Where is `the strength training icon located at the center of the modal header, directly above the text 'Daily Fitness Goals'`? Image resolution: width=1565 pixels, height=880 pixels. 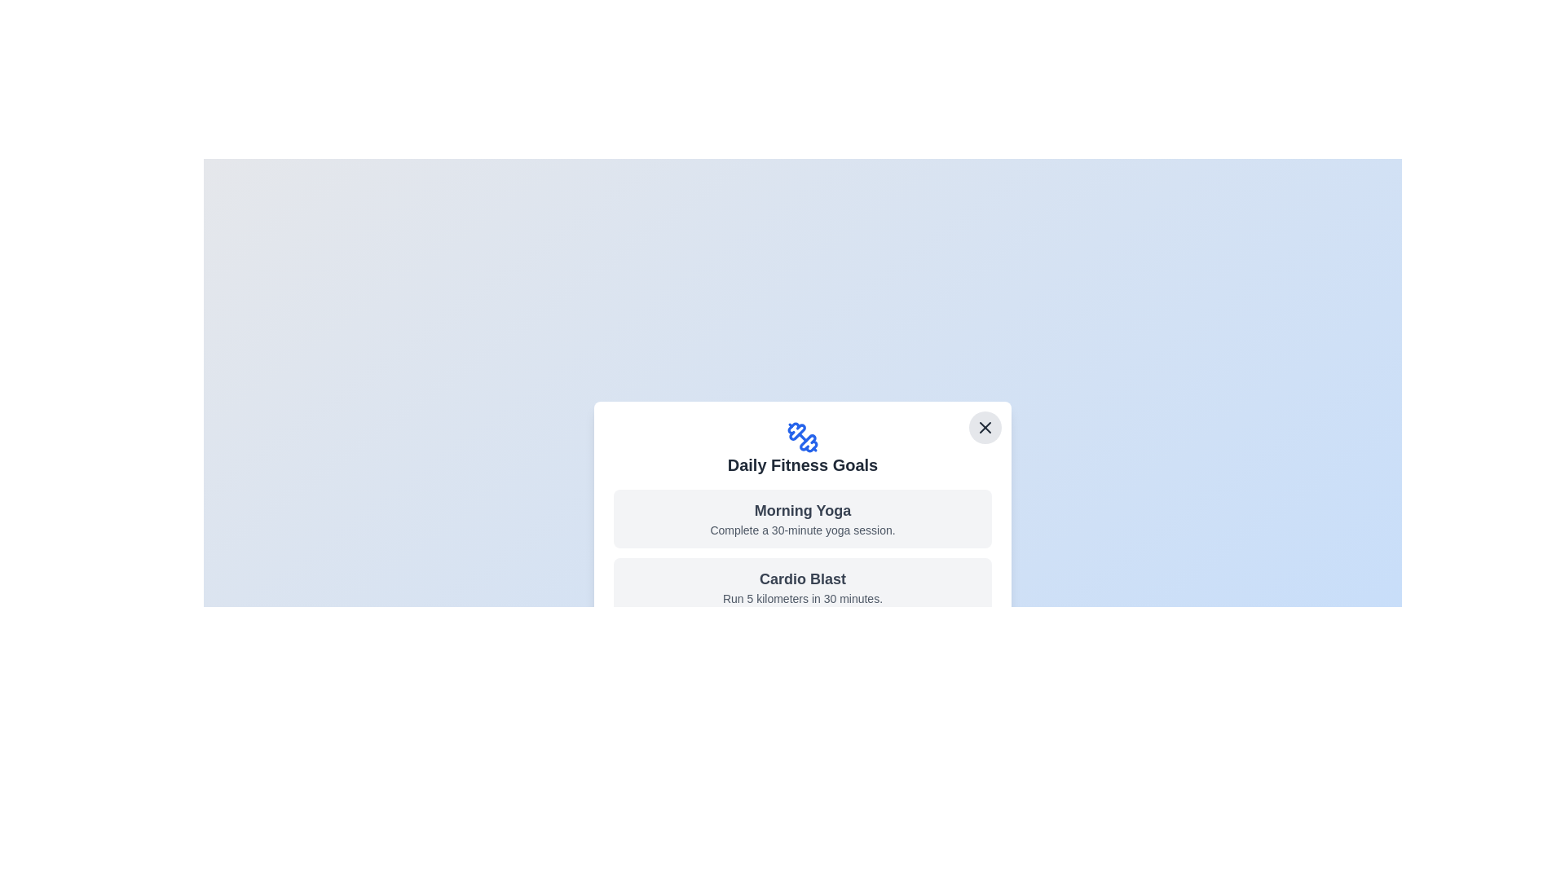 the strength training icon located at the center of the modal header, directly above the text 'Daily Fitness Goals' is located at coordinates (802, 436).